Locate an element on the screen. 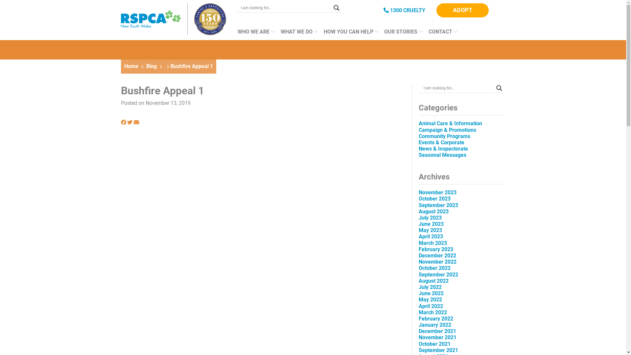 Image resolution: width=631 pixels, height=355 pixels. 'May 2022' is located at coordinates (418, 299).